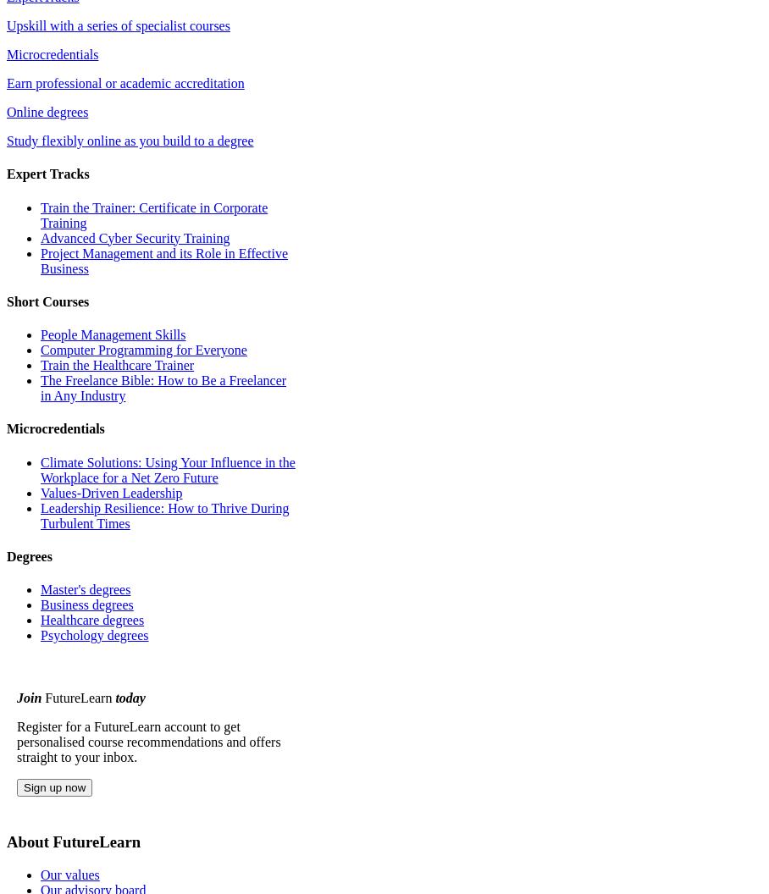  Describe the element at coordinates (77, 698) in the screenshot. I see `'FutureLearn'` at that location.